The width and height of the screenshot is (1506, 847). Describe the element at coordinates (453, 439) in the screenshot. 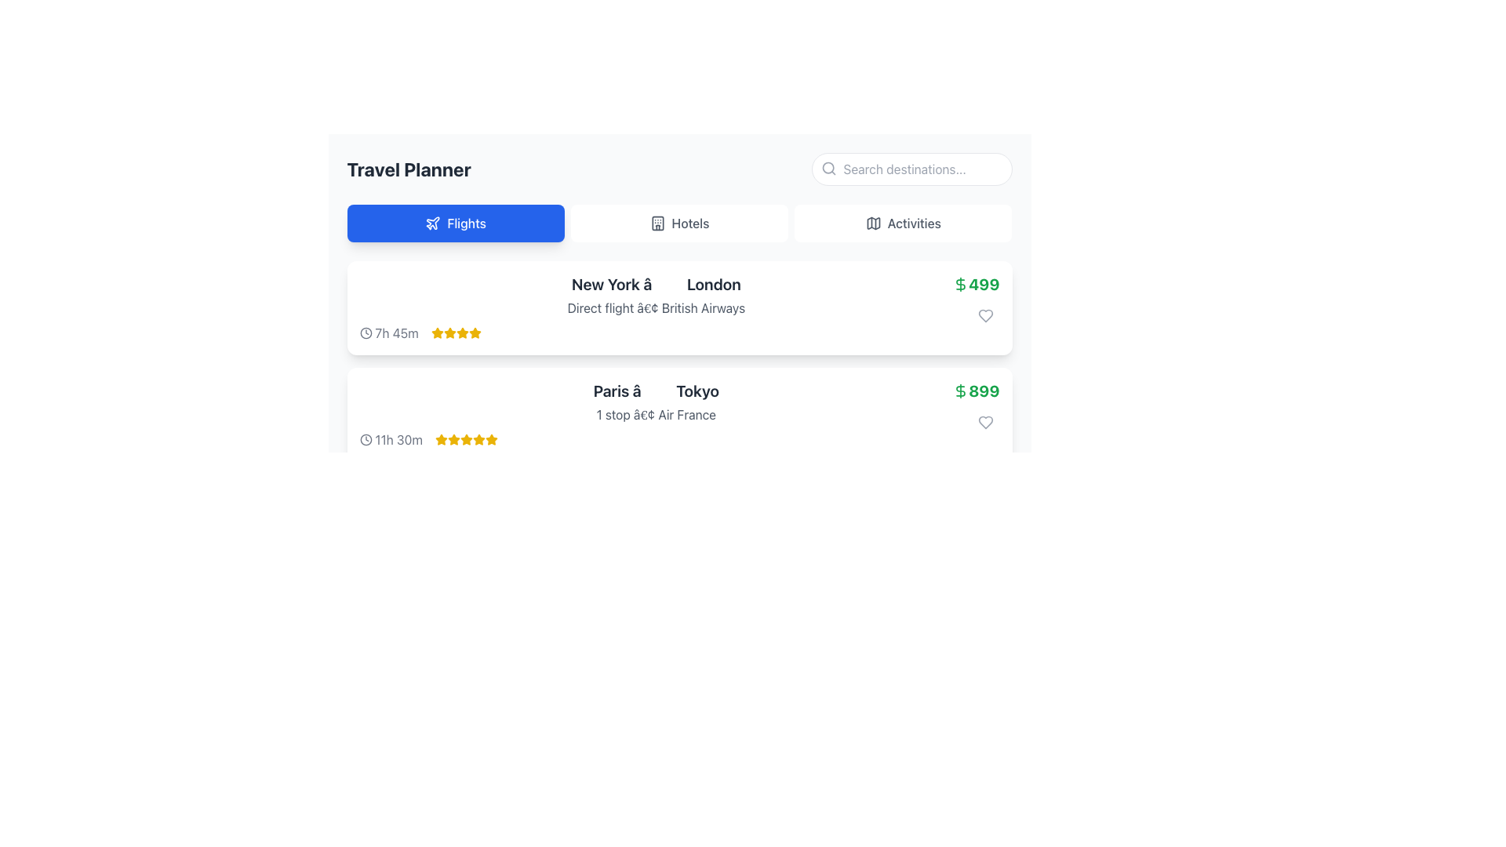

I see `the first star-shaped icon filled with yellow or gold color in the rating system for the travel option from Paris to Tokyo` at that location.